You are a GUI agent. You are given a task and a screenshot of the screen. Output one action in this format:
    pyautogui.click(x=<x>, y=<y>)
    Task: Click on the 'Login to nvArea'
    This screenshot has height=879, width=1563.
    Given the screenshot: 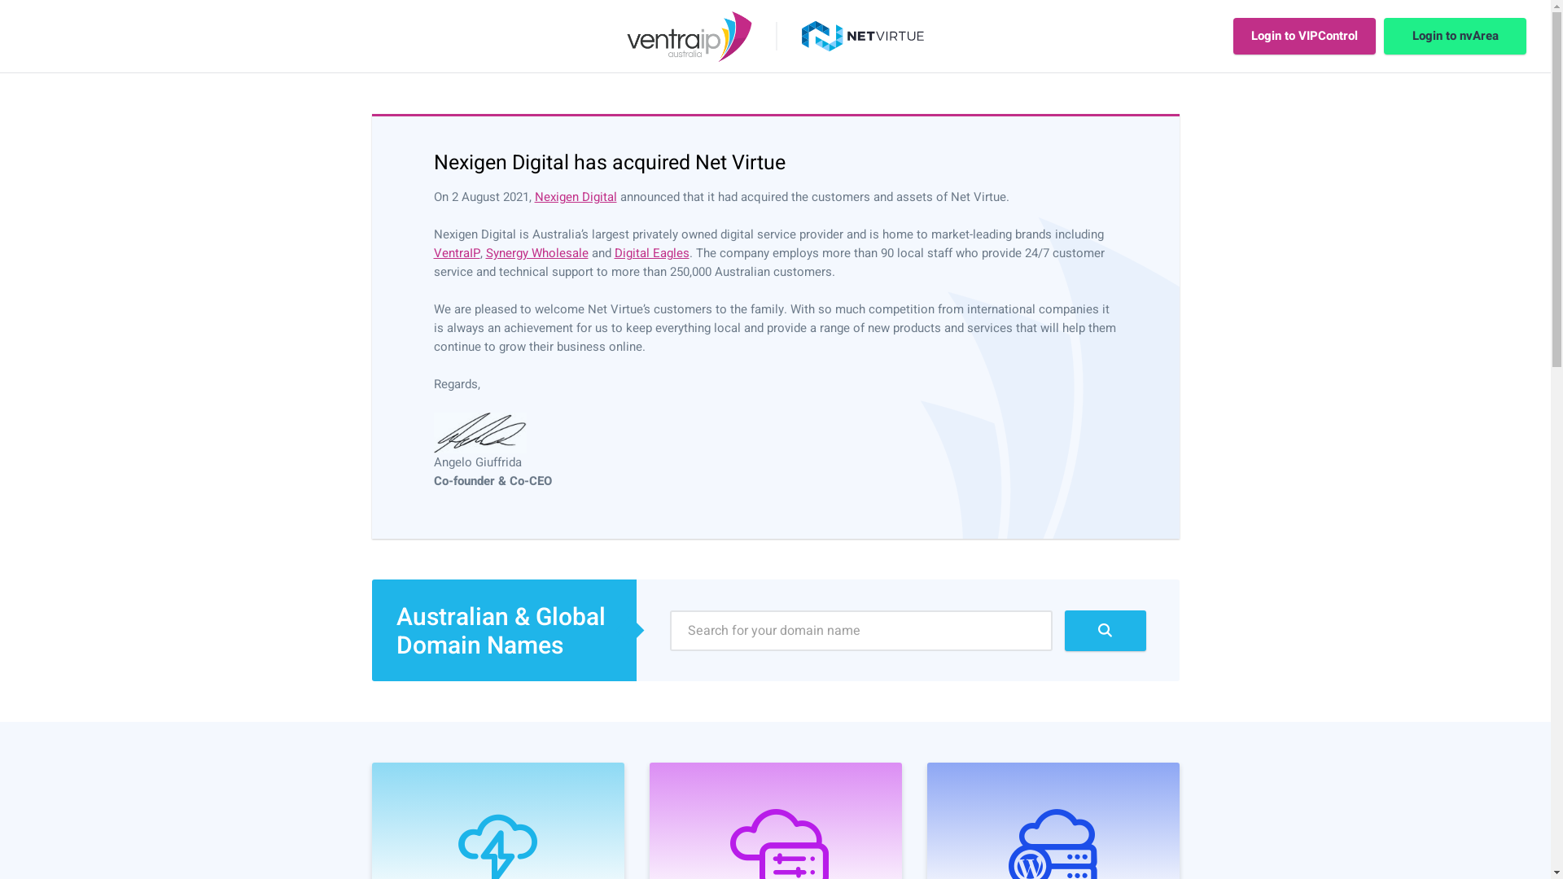 What is the action you would take?
    pyautogui.click(x=1455, y=36)
    